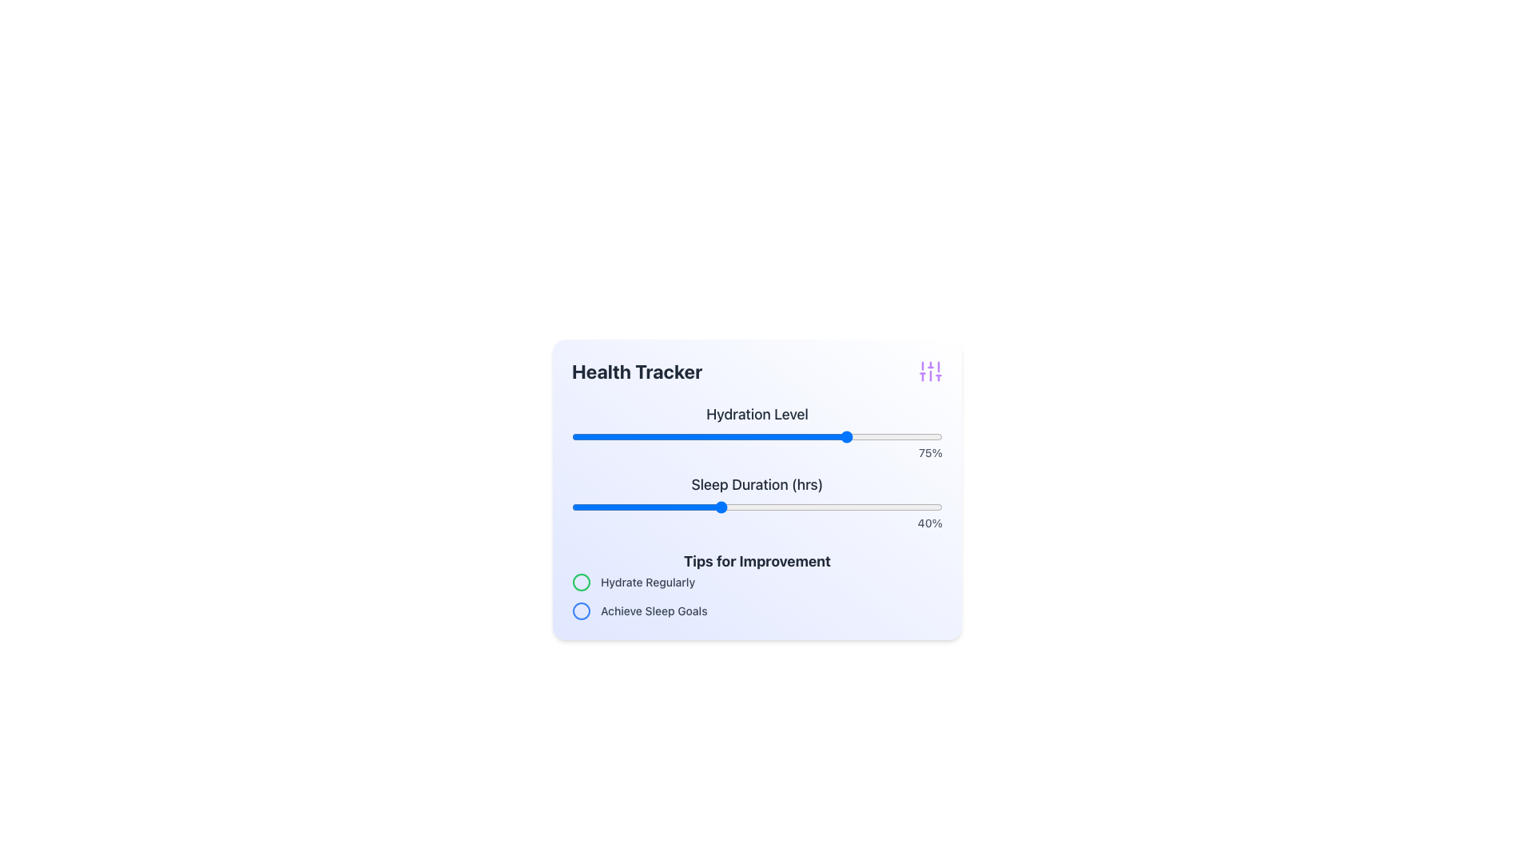  Describe the element at coordinates (741, 507) in the screenshot. I see `the sleep duration slider` at that location.